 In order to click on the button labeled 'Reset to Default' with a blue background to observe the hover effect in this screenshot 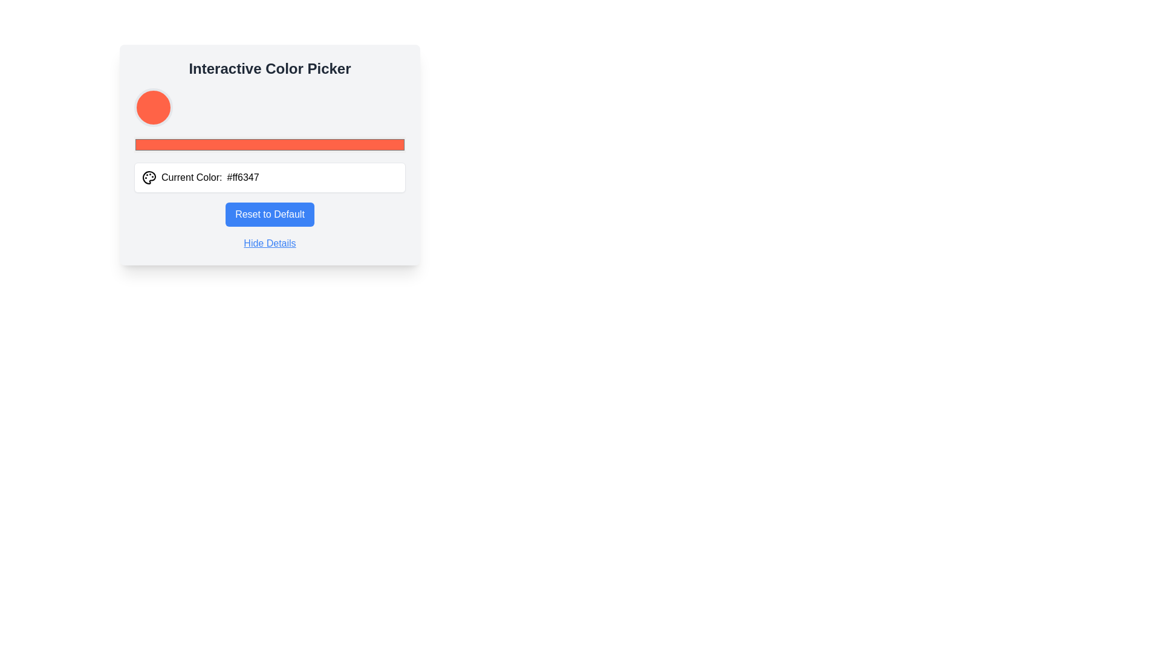, I will do `click(269, 213)`.